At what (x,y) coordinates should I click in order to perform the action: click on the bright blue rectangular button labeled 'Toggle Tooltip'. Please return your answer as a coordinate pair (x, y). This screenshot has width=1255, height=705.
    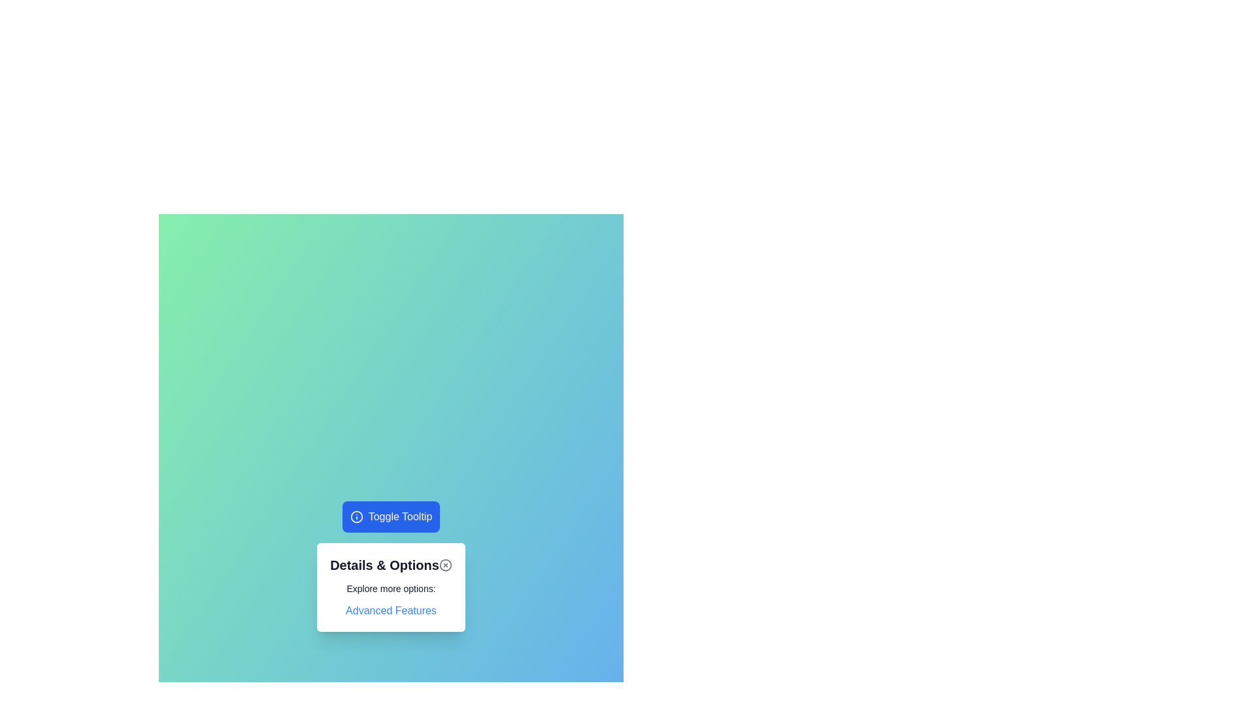
    Looking at the image, I should click on (390, 516).